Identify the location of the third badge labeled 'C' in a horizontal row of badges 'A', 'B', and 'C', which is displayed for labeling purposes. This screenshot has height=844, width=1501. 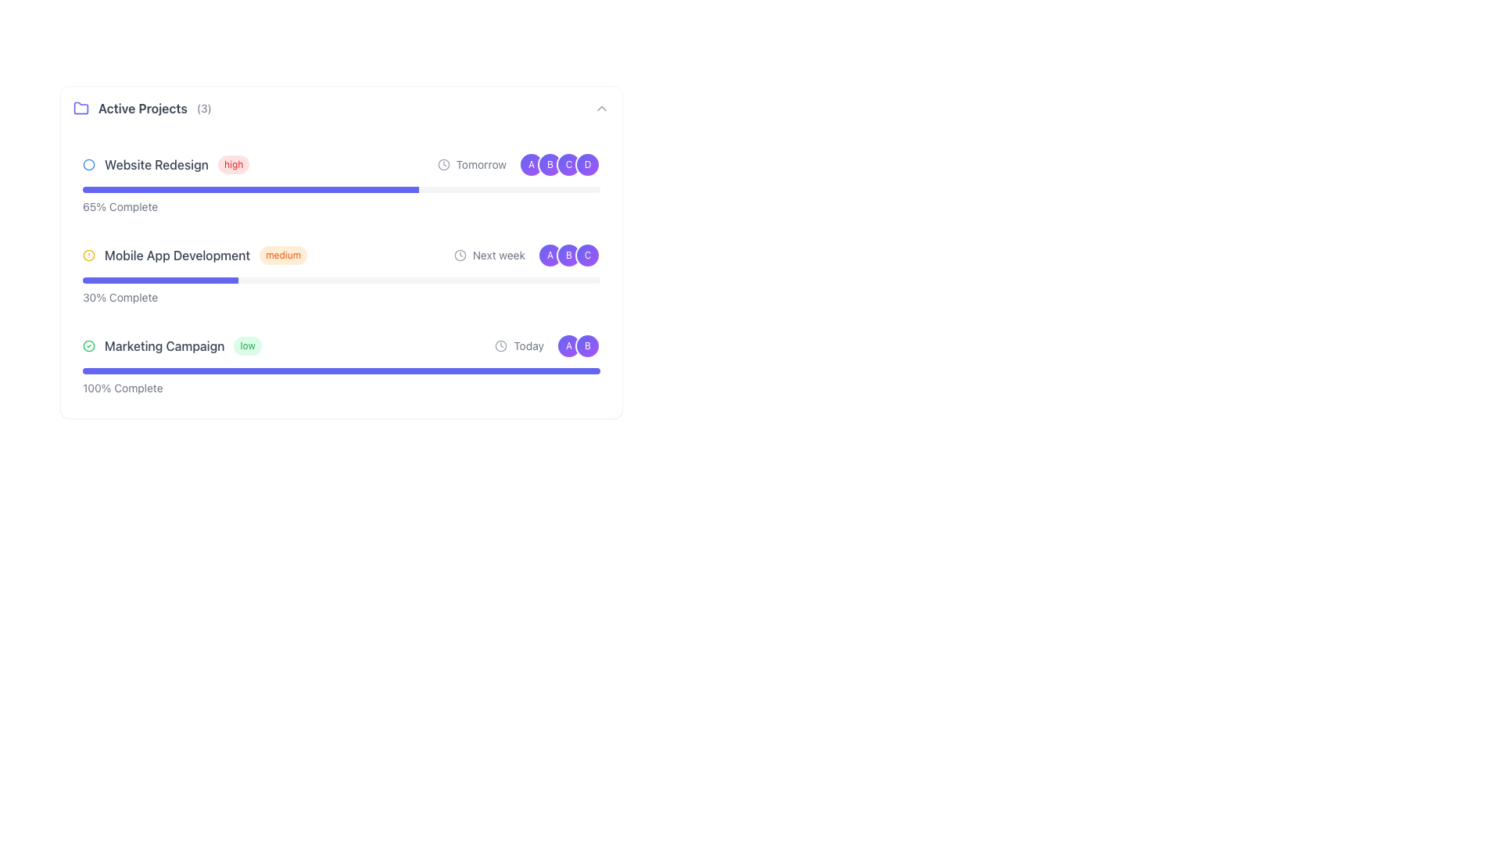
(587, 255).